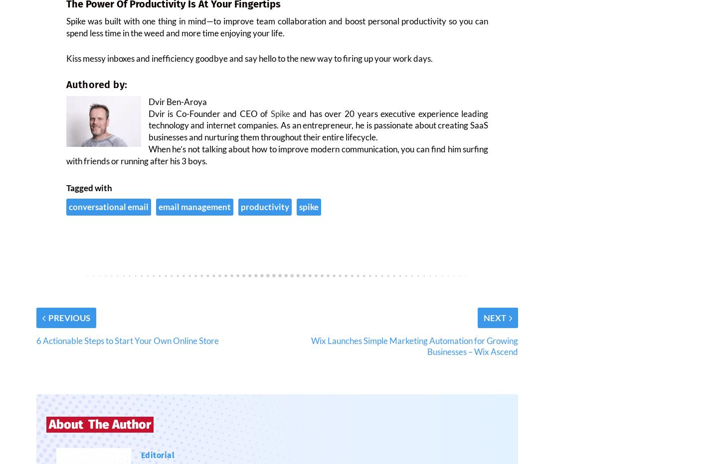  I want to click on 'Spike', so click(270, 119).